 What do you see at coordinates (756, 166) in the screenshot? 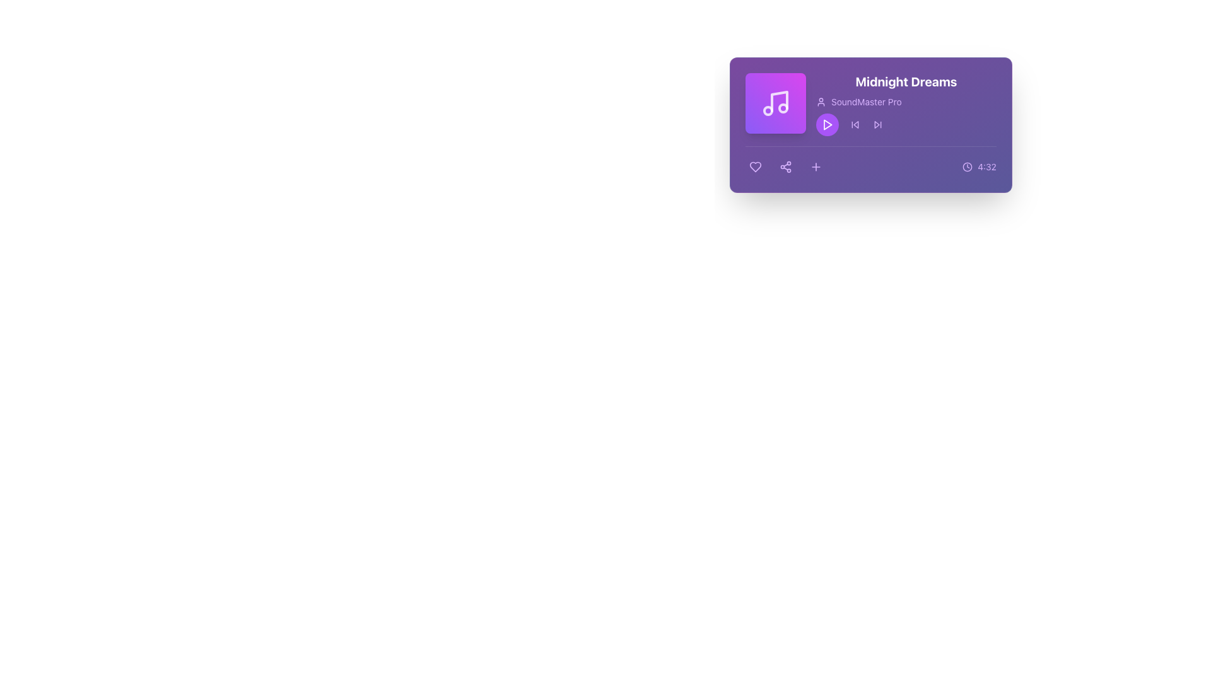
I see `the 'Like' button, which is the first icon on the left side in a row of three icons below the main content of the music card` at bounding box center [756, 166].